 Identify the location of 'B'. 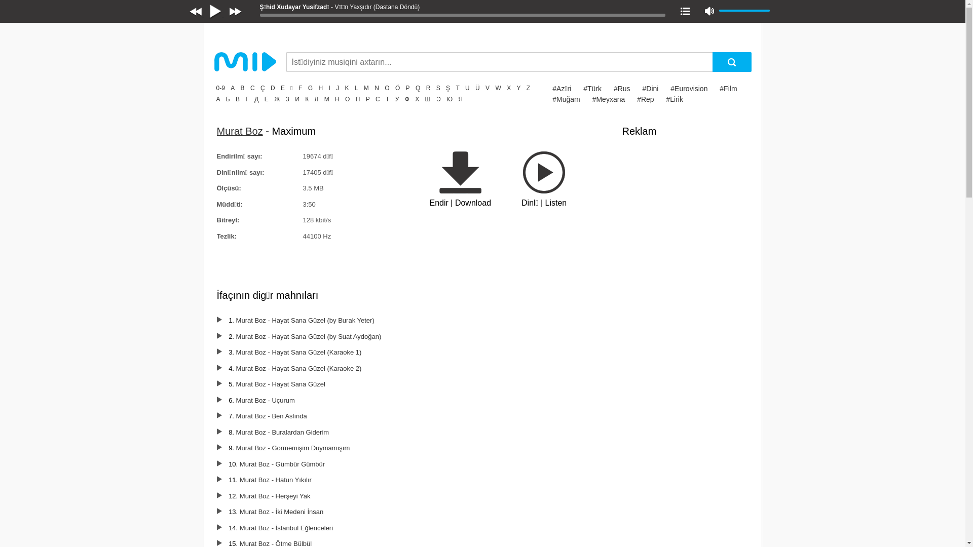
(240, 87).